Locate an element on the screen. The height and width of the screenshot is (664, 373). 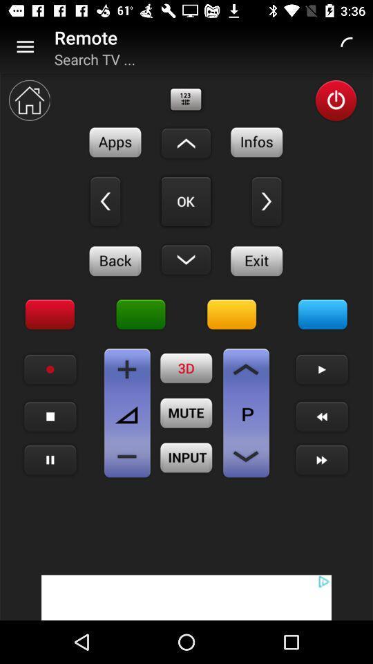
the av_rewind icon is located at coordinates (186, 201).